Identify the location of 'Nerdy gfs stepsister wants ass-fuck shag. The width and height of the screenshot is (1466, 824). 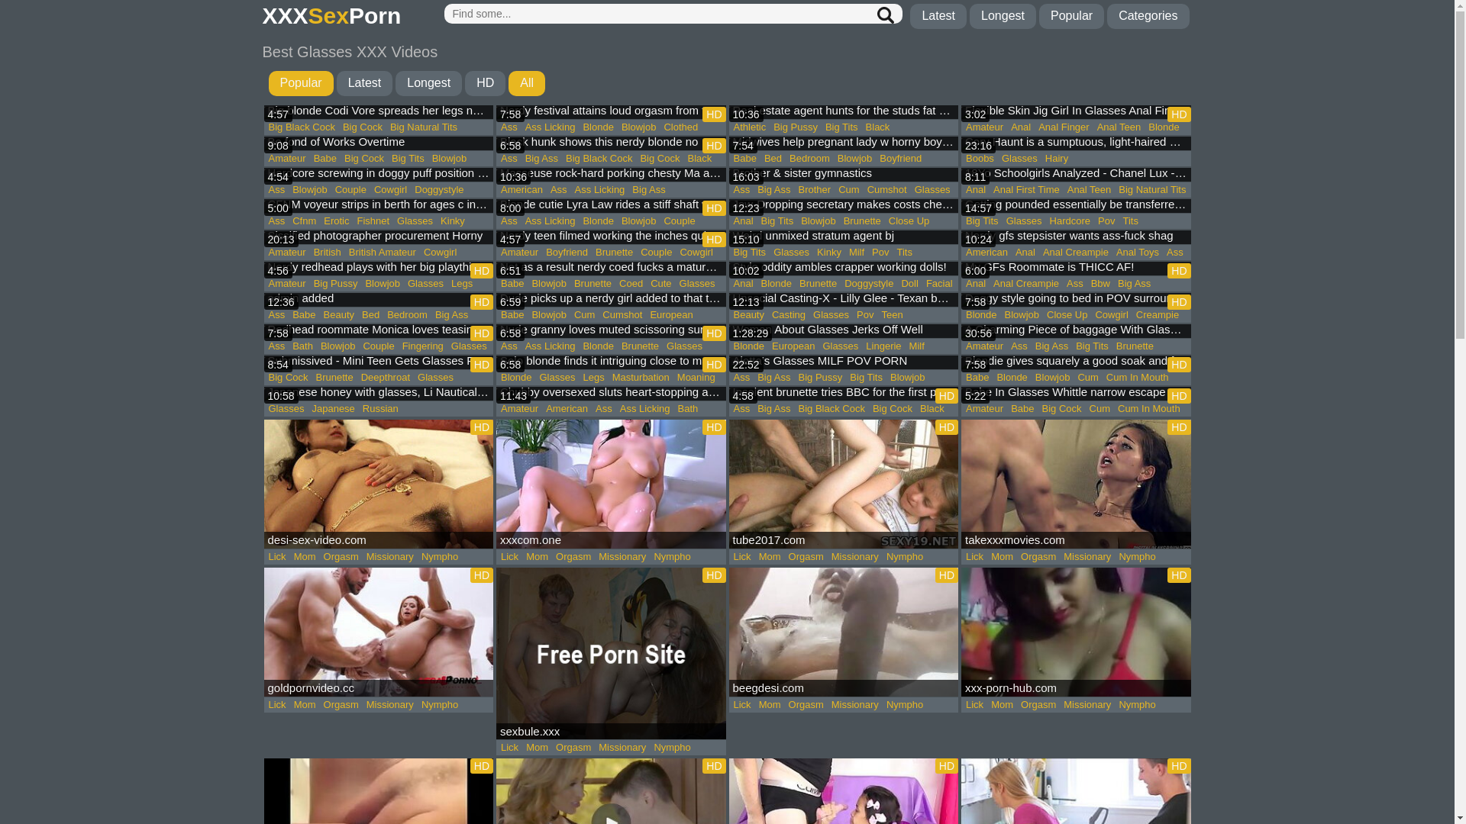
(1075, 238).